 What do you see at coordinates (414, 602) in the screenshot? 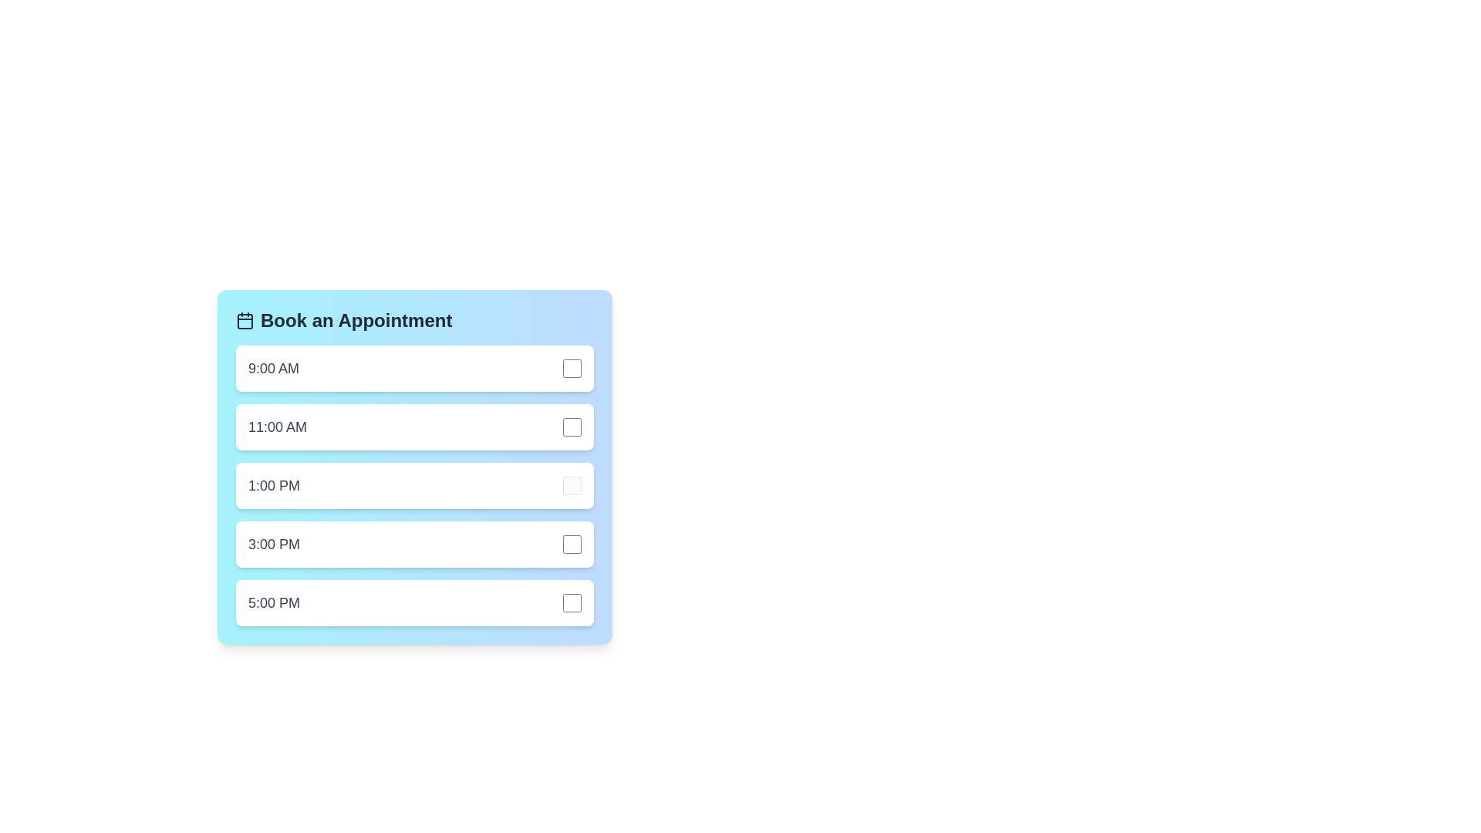
I see `the time slot for 5:00 PM` at bounding box center [414, 602].